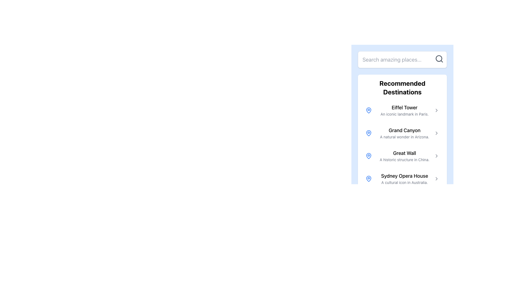 The height and width of the screenshot is (293, 521). I want to click on the text area containing the title and subtitle for 'Great Wall', positioned as the third item in the recommendations list, so click(405, 156).